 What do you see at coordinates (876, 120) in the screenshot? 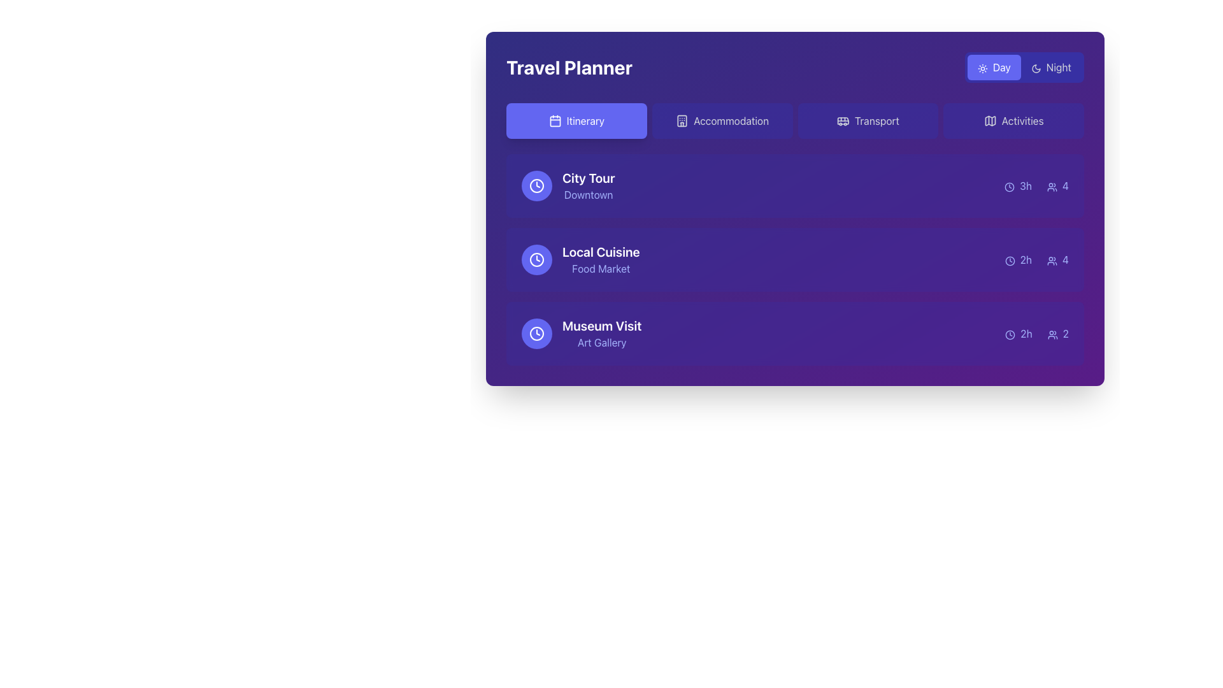
I see `the text label 'Transport' located inside the dark indigo button in the navigation bar to observe any hover effects` at bounding box center [876, 120].